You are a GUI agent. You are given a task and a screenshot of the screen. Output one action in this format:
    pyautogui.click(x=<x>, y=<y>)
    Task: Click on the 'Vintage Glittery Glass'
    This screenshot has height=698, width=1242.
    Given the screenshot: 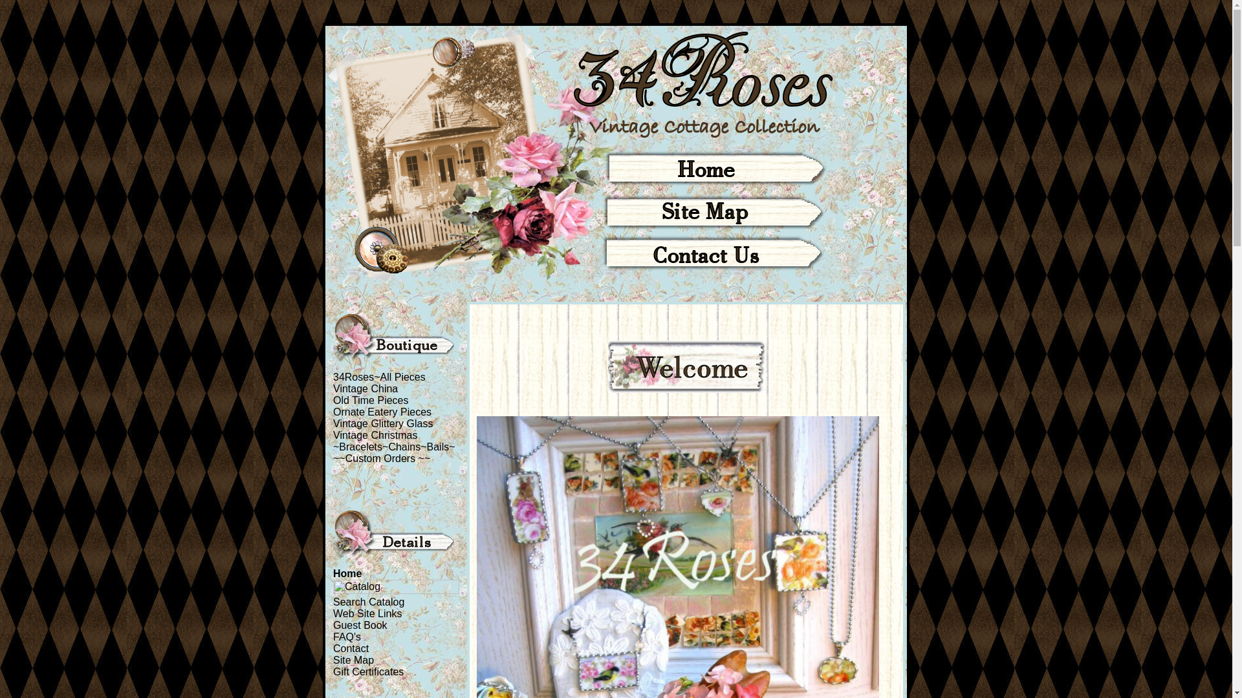 What is the action you would take?
    pyautogui.click(x=382, y=423)
    